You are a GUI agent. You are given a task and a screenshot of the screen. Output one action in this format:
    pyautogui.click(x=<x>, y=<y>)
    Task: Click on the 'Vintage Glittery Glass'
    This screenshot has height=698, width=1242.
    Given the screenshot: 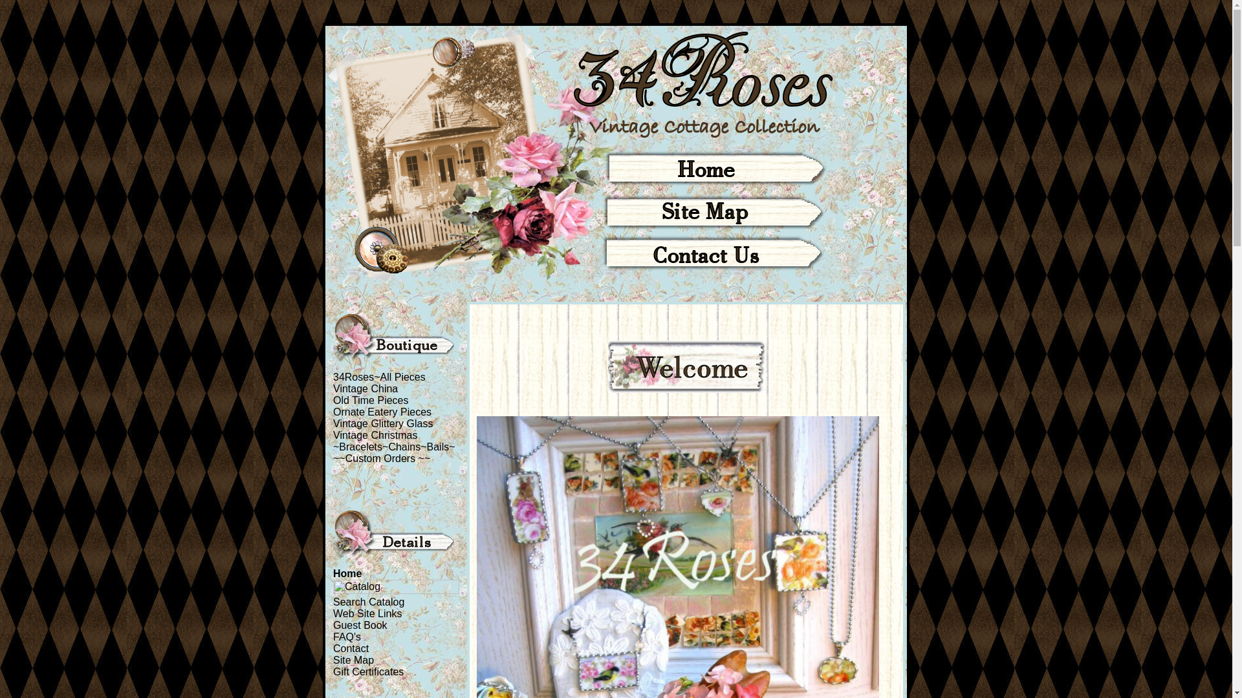 What is the action you would take?
    pyautogui.click(x=382, y=423)
    